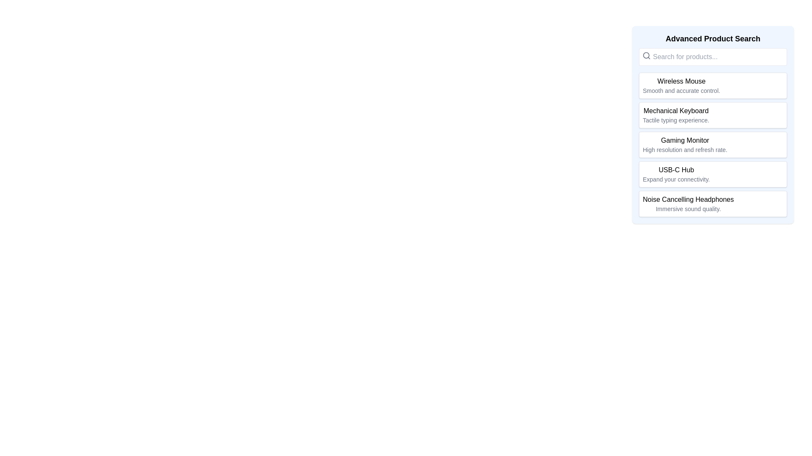  I want to click on the text label stating 'High resolution and refresh rate.' which is displayed in a small gray font under the title 'Gaming Monitor', so click(685, 149).